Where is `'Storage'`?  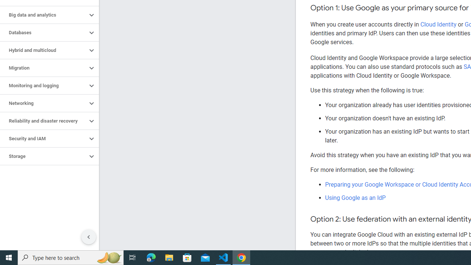
'Storage' is located at coordinates (43, 156).